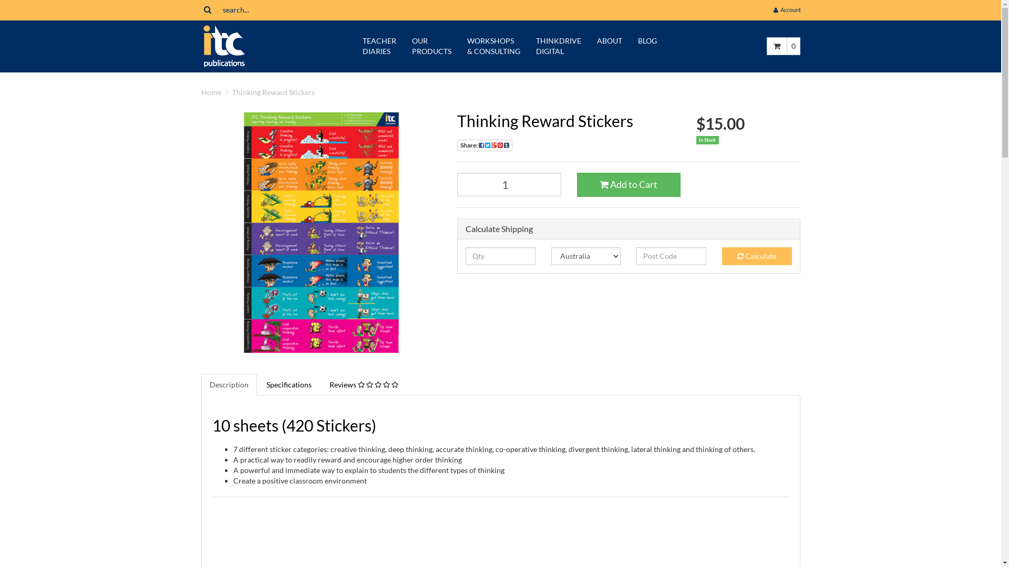 This screenshot has width=1009, height=567. Describe the element at coordinates (792, 46) in the screenshot. I see `'0'` at that location.